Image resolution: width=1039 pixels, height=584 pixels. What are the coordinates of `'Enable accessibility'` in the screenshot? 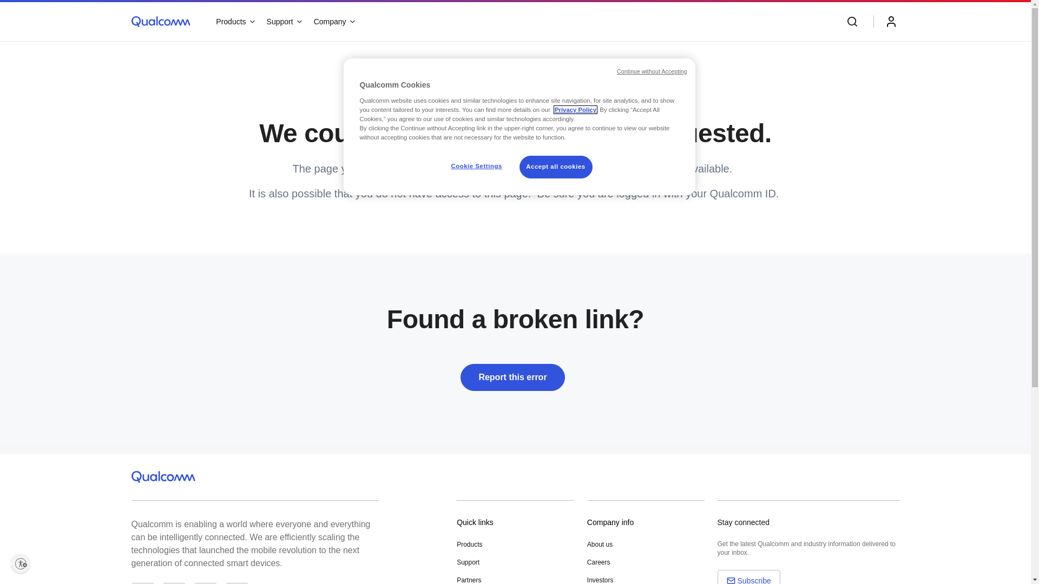 It's located at (21, 562).